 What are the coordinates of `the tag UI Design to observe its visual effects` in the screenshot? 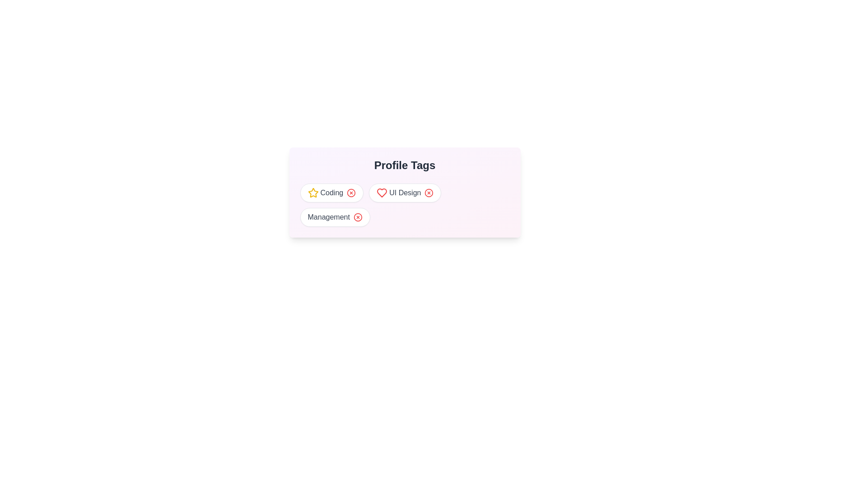 It's located at (405, 193).